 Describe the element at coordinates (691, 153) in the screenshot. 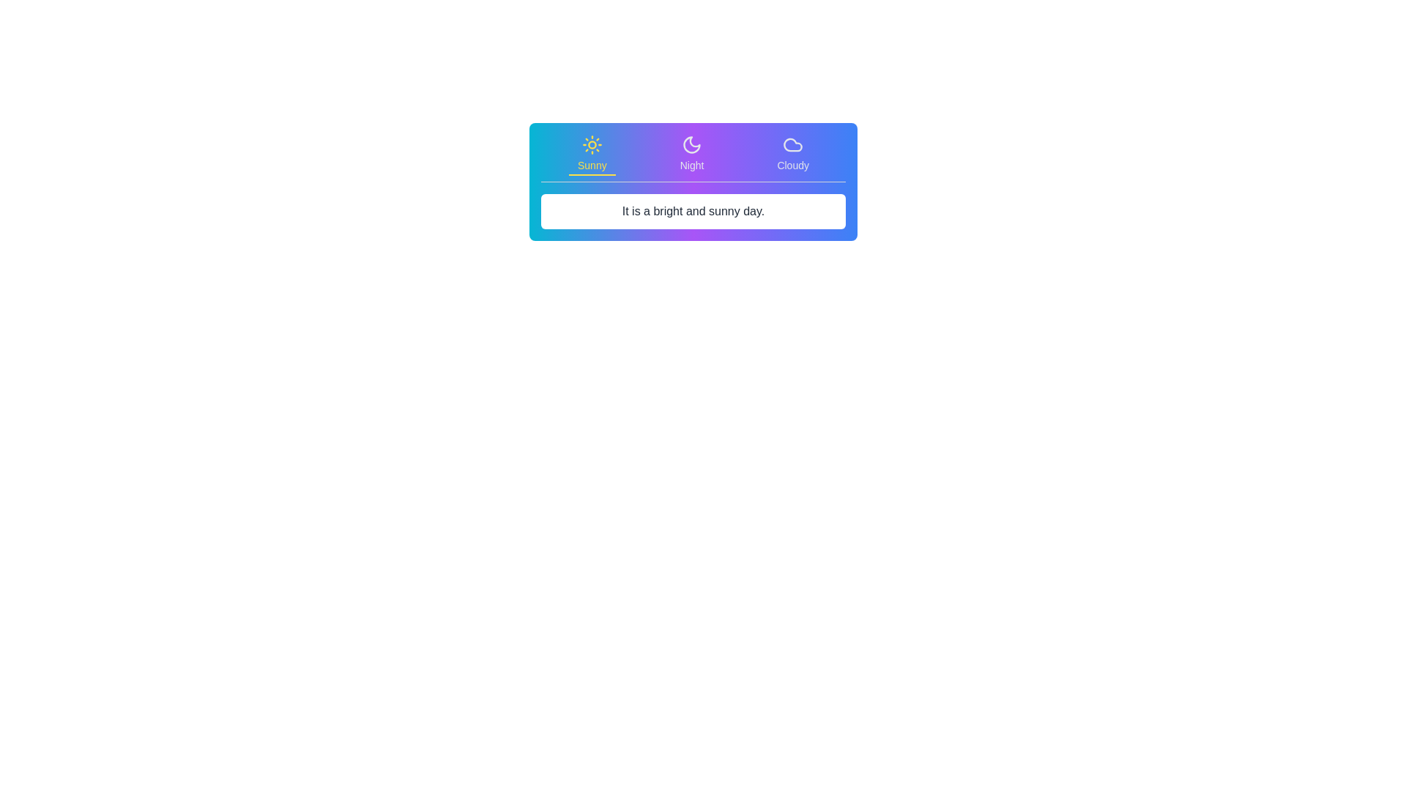

I see `the 'Night' option button, which is the middle item in a group of three, visually indicated by a moon icon and labeled 'Night'` at that location.